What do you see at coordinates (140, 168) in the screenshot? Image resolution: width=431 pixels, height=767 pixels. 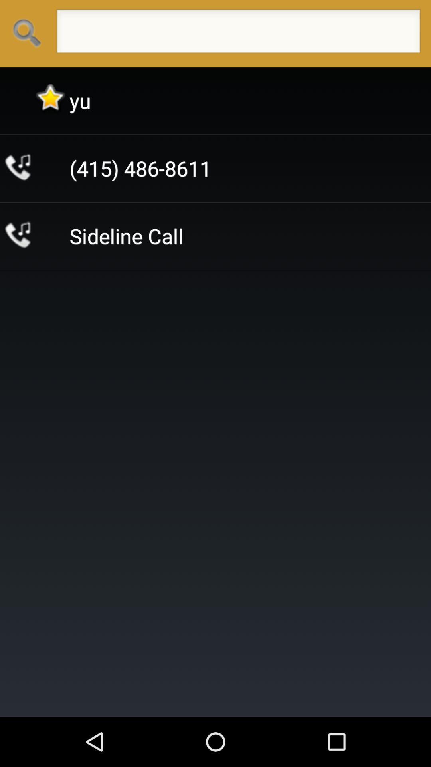 I see `icon above the sideline call app` at bounding box center [140, 168].